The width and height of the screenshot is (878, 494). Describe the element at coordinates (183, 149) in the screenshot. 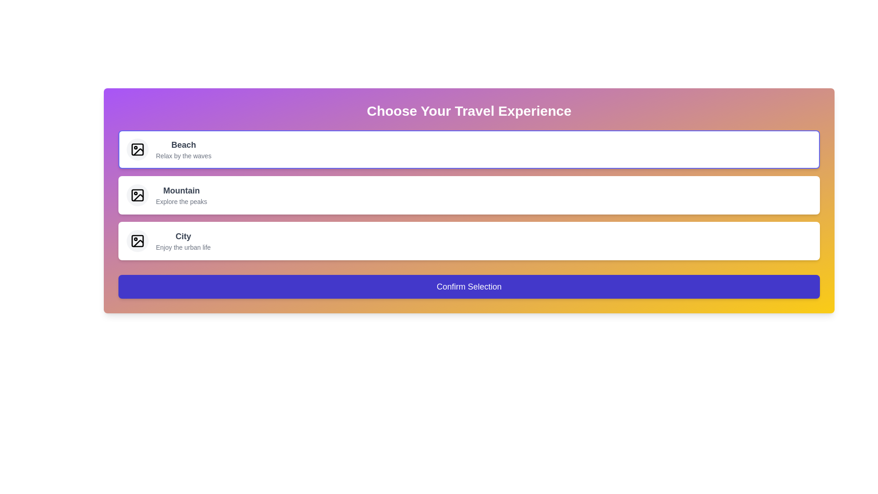

I see `the text element that reads 'Beach' in bold and larger font, followed by 'Relax by the waves' in smaller font, located within the first option of a vertical list of travel experiences` at that location.